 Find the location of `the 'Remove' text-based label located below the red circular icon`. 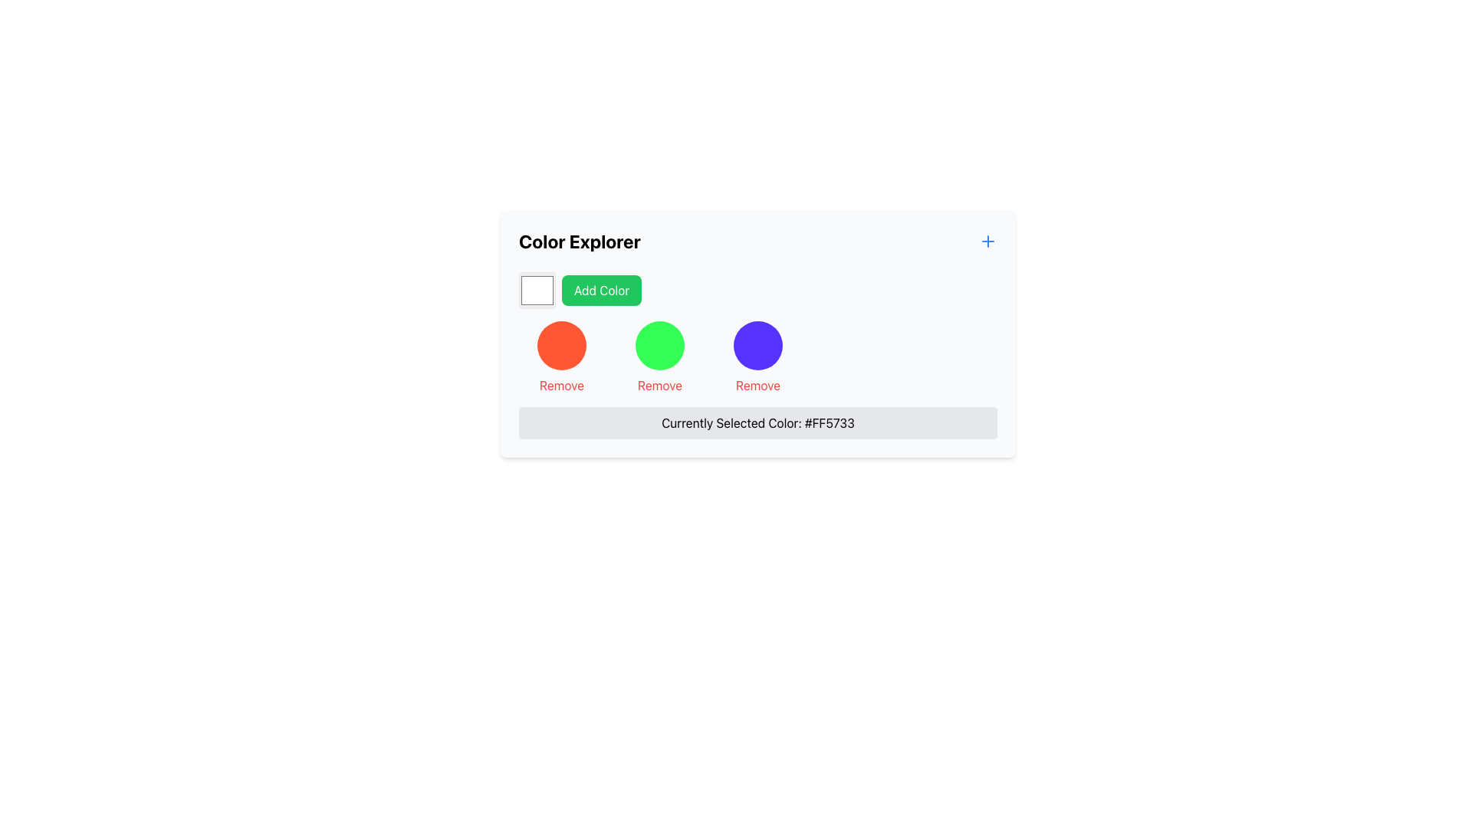

the 'Remove' text-based label located below the red circular icon is located at coordinates (561, 384).